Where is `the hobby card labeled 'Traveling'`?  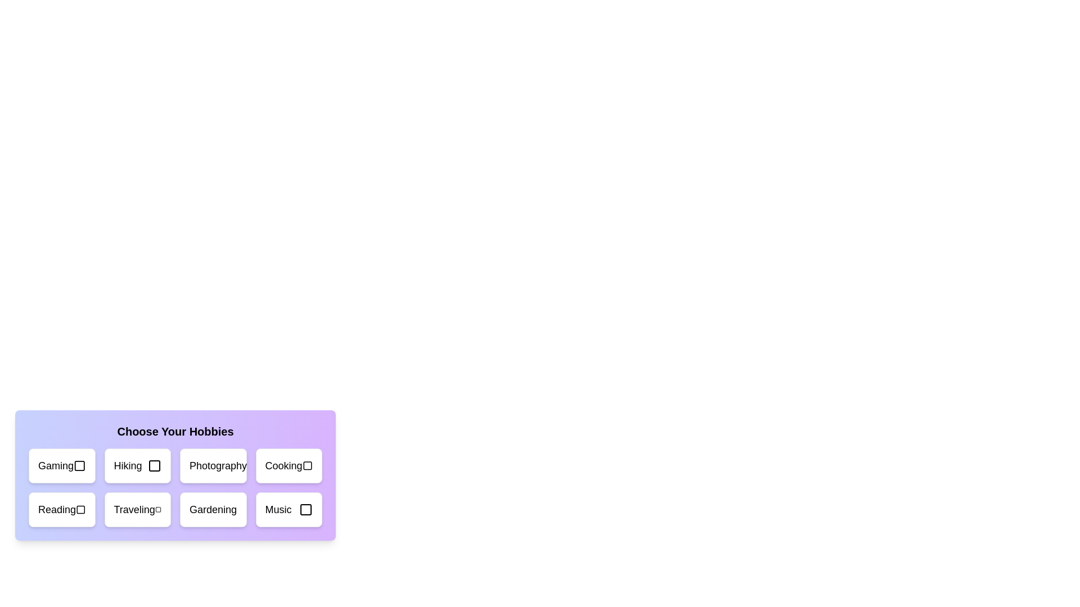
the hobby card labeled 'Traveling' is located at coordinates (137, 509).